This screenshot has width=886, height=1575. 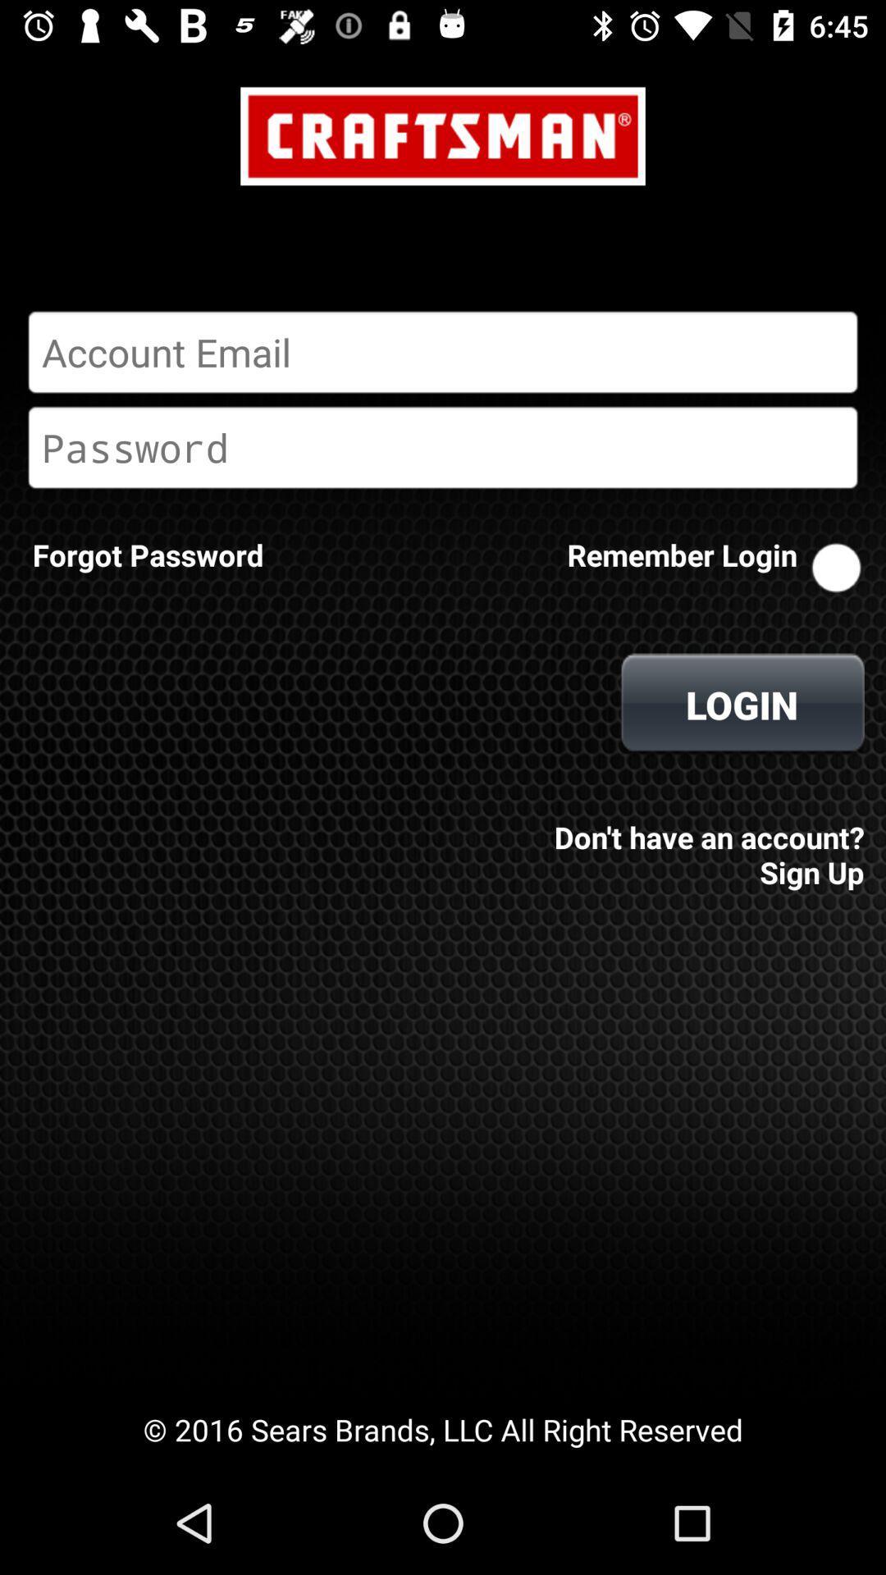 What do you see at coordinates (443, 447) in the screenshot?
I see `etc` at bounding box center [443, 447].